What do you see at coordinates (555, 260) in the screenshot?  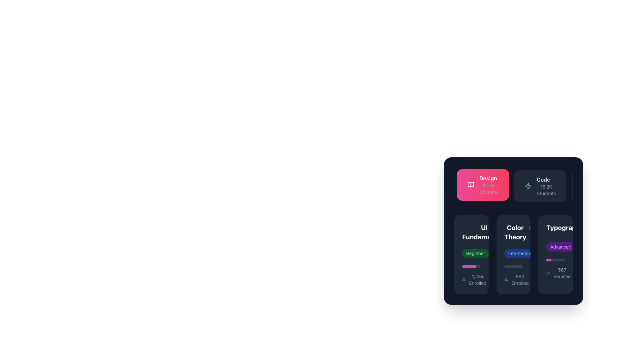 I see `the progress visualization of the horizontal progress bar located in the Typography section, which is centrally positioned below the Advanced badge and above the text '567 Enrolled'` at bounding box center [555, 260].